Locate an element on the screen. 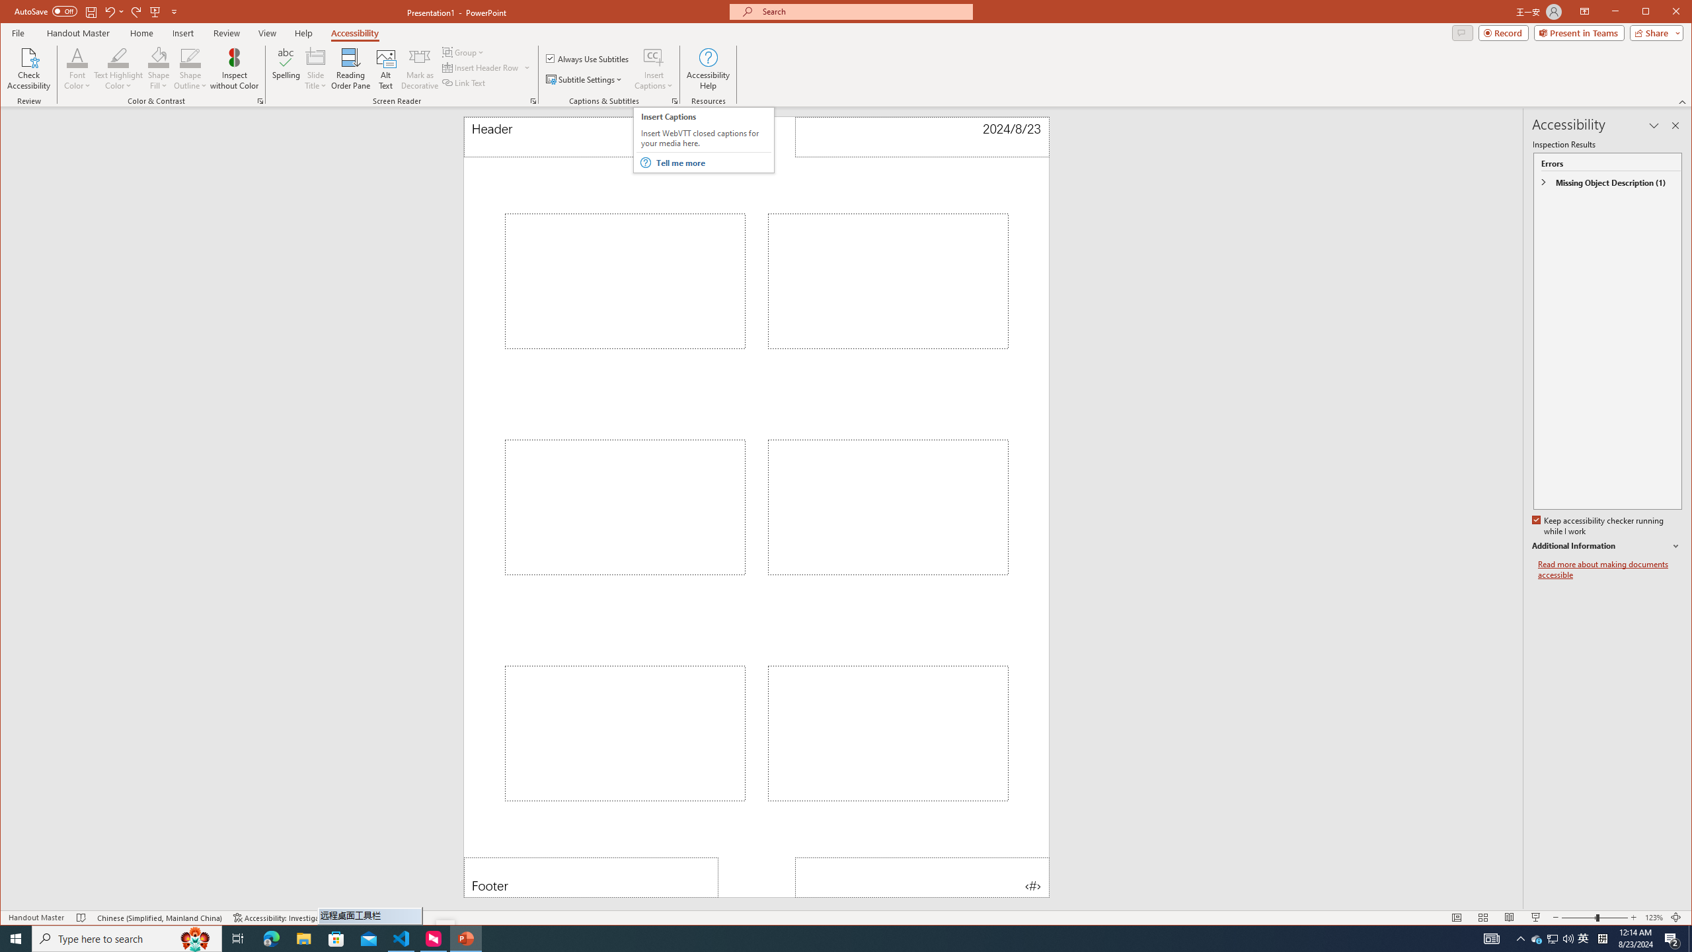 The width and height of the screenshot is (1692, 952). 'Date' is located at coordinates (921, 136).